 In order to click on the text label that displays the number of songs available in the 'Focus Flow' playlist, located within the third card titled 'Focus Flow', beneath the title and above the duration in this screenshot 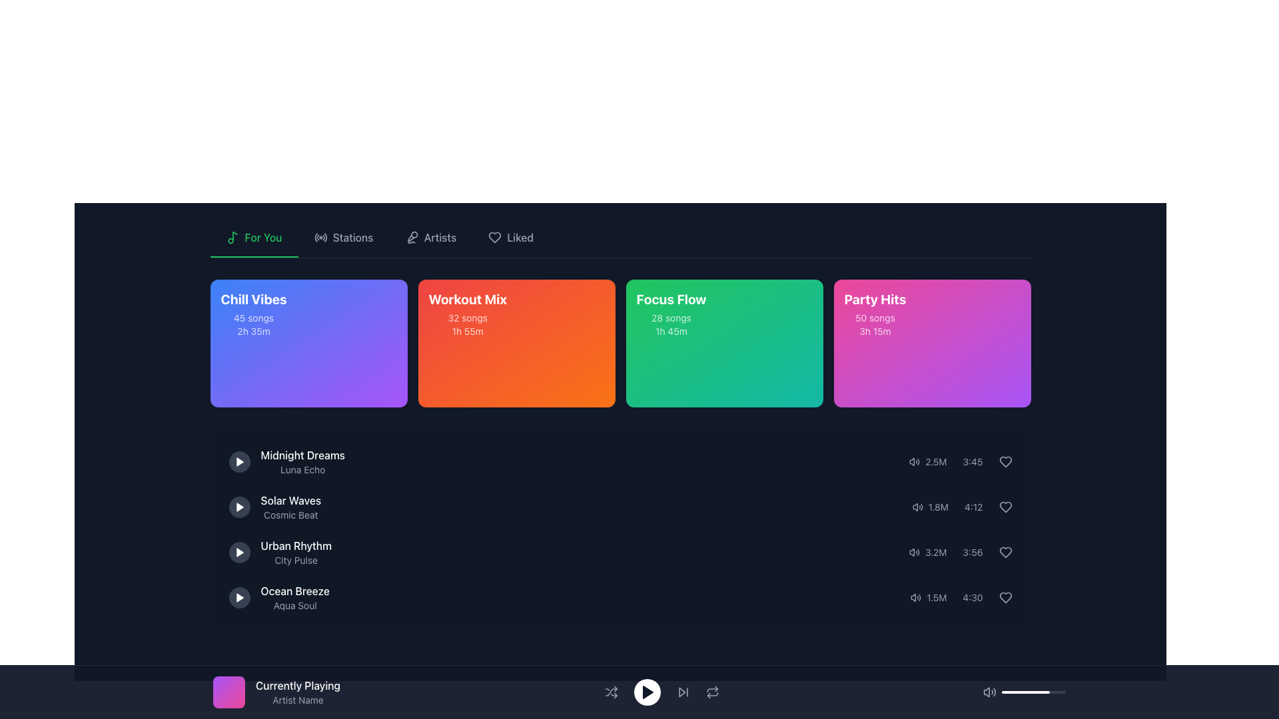, I will do `click(671, 318)`.